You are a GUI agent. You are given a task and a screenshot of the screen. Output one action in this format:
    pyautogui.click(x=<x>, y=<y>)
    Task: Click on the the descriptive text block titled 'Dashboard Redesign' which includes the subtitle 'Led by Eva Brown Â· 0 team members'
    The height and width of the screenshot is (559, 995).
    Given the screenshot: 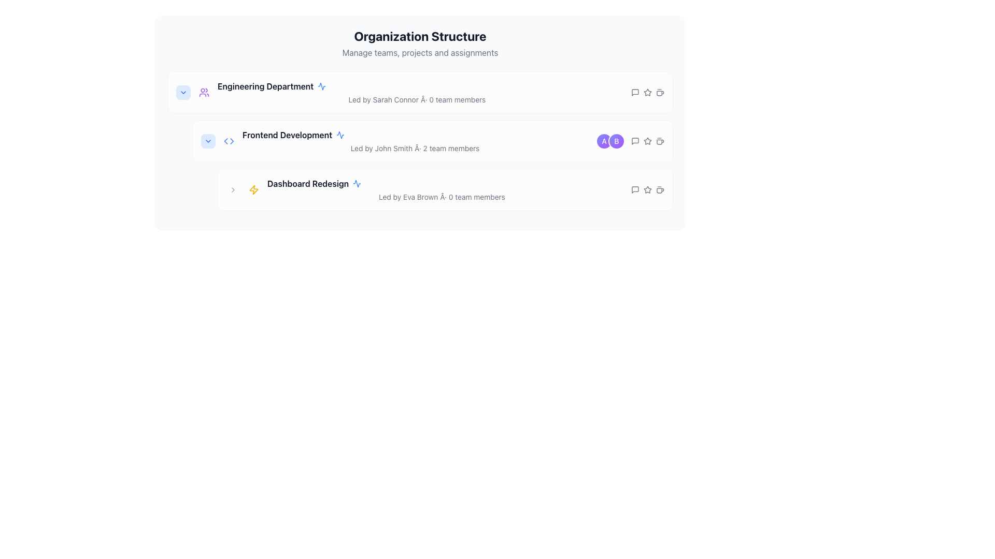 What is the action you would take?
    pyautogui.click(x=442, y=189)
    